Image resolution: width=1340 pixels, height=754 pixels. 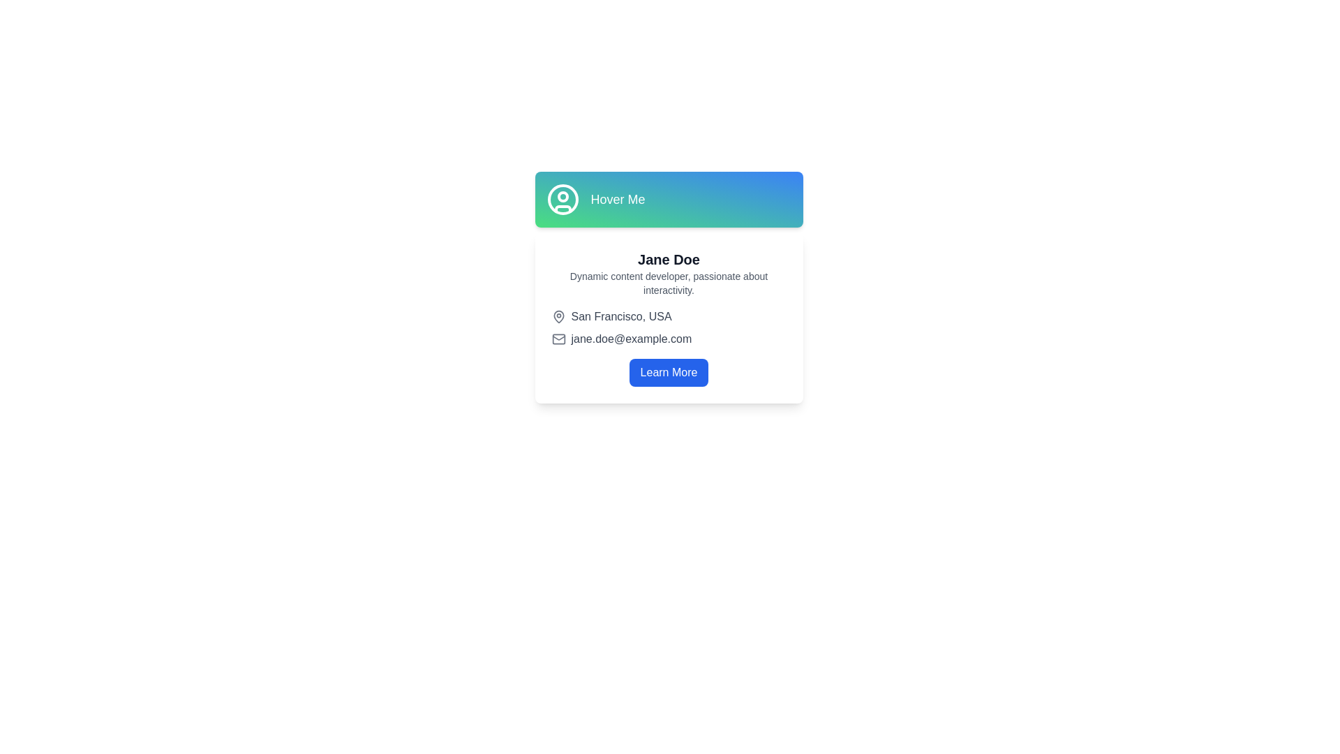 What do you see at coordinates (630, 339) in the screenshot?
I see `the static text display showing the email address 'jane.doe@example.com', styled in gray, located next to the email icon within a card layout` at bounding box center [630, 339].